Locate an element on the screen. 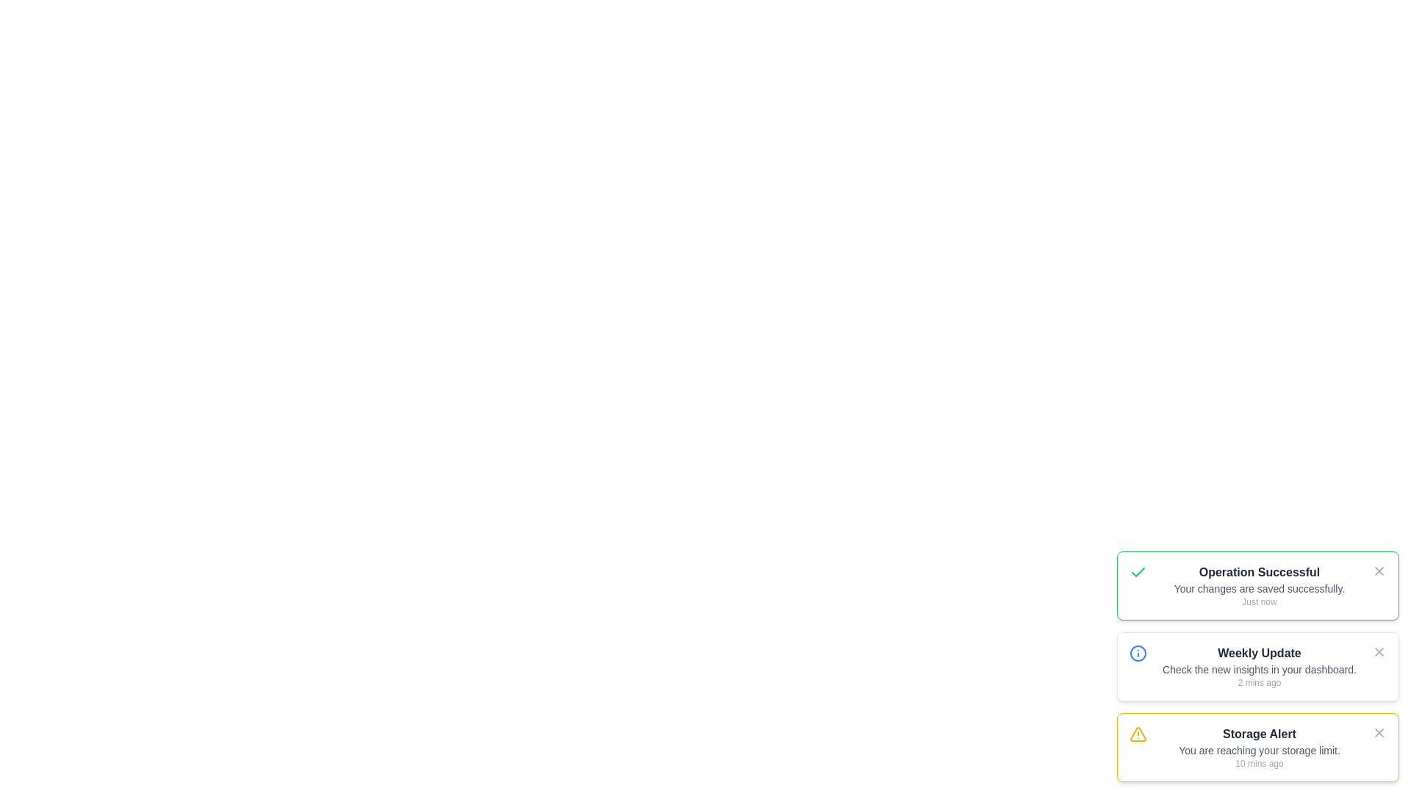 The image size is (1411, 794). the diagonal 'X' shaped vector graphic element in the top-right corner of the 'Weekly Update' notification is located at coordinates (1378, 651).